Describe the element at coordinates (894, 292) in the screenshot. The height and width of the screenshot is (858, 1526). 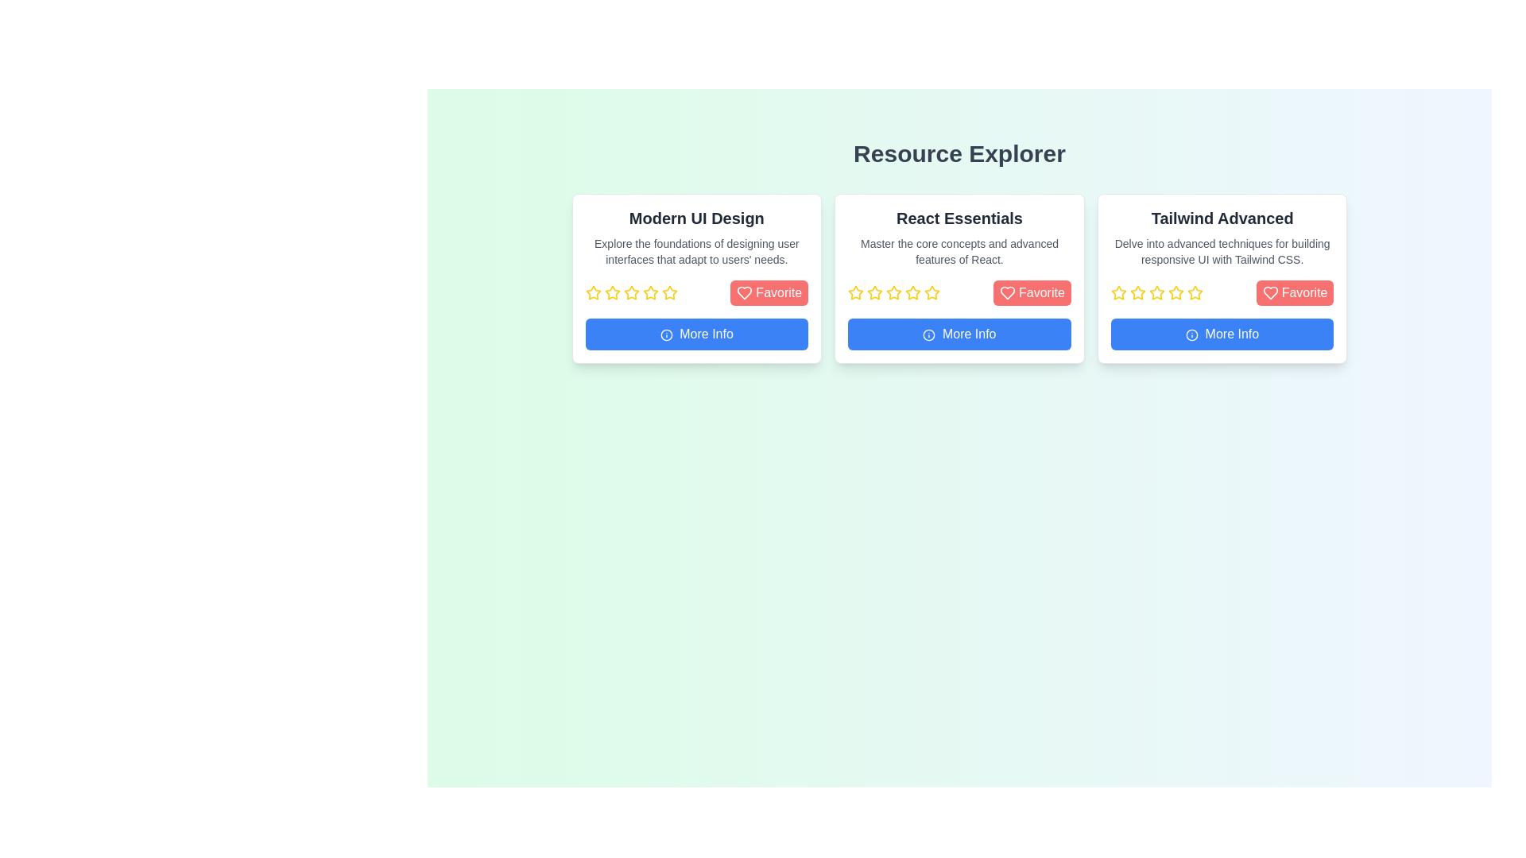
I see `the third yellow star icon in the rating system located beneath the 'React Essentials' card` at that location.